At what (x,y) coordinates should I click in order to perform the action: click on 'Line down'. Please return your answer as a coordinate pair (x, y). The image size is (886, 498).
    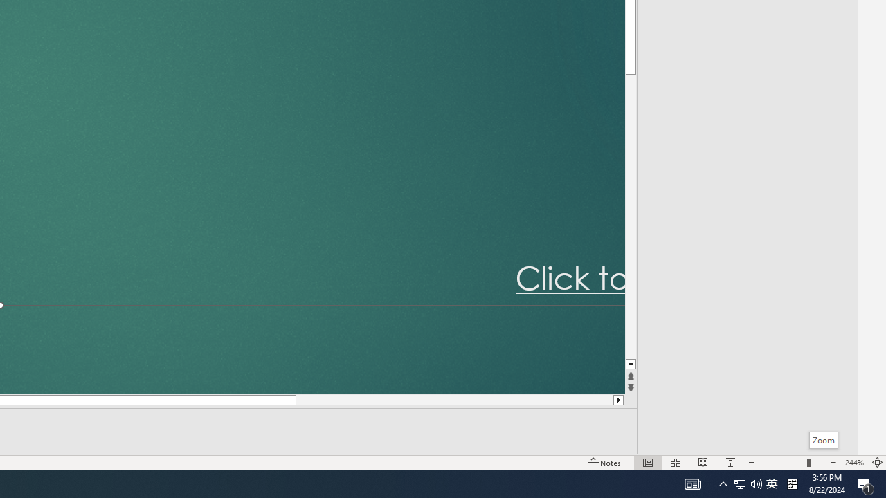
    Looking at the image, I should click on (630, 364).